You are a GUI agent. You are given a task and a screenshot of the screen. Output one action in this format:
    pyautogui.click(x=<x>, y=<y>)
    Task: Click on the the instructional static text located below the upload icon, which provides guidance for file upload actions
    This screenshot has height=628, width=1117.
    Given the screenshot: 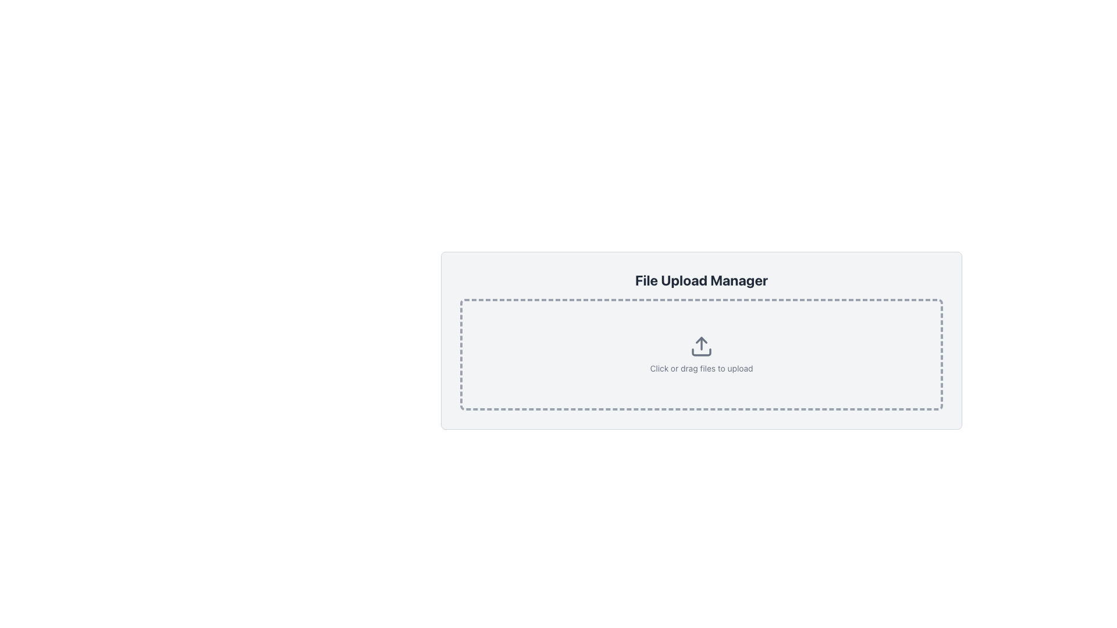 What is the action you would take?
    pyautogui.click(x=700, y=368)
    